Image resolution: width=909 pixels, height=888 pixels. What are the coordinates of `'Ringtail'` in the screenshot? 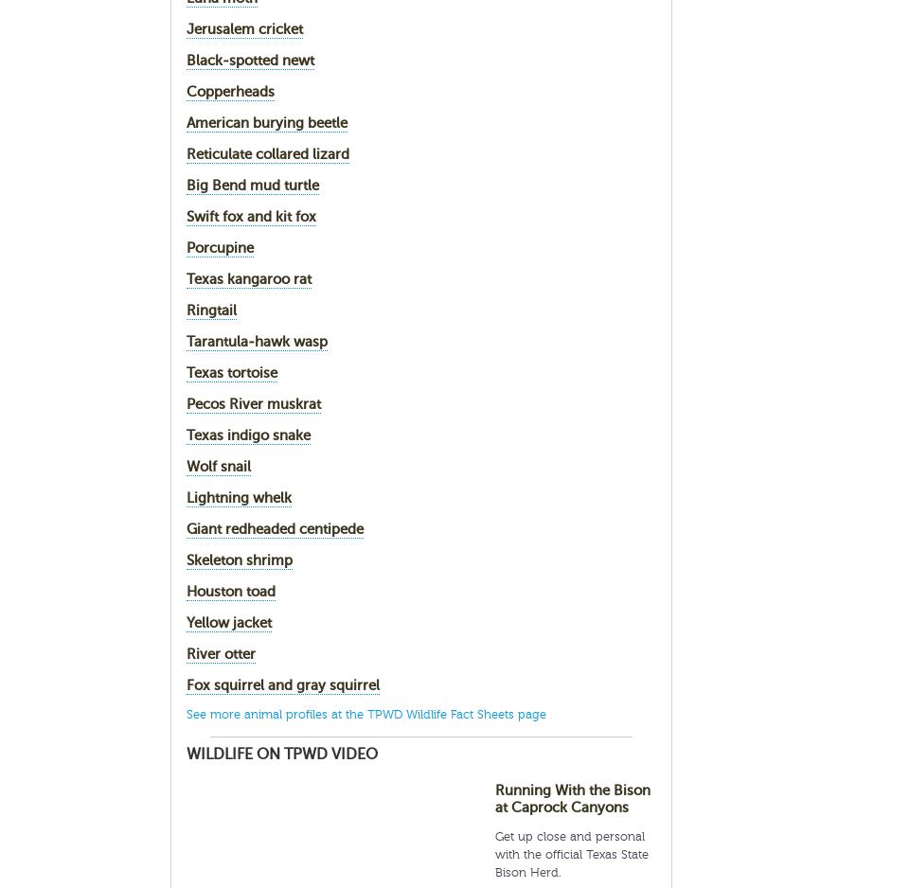 It's located at (211, 310).